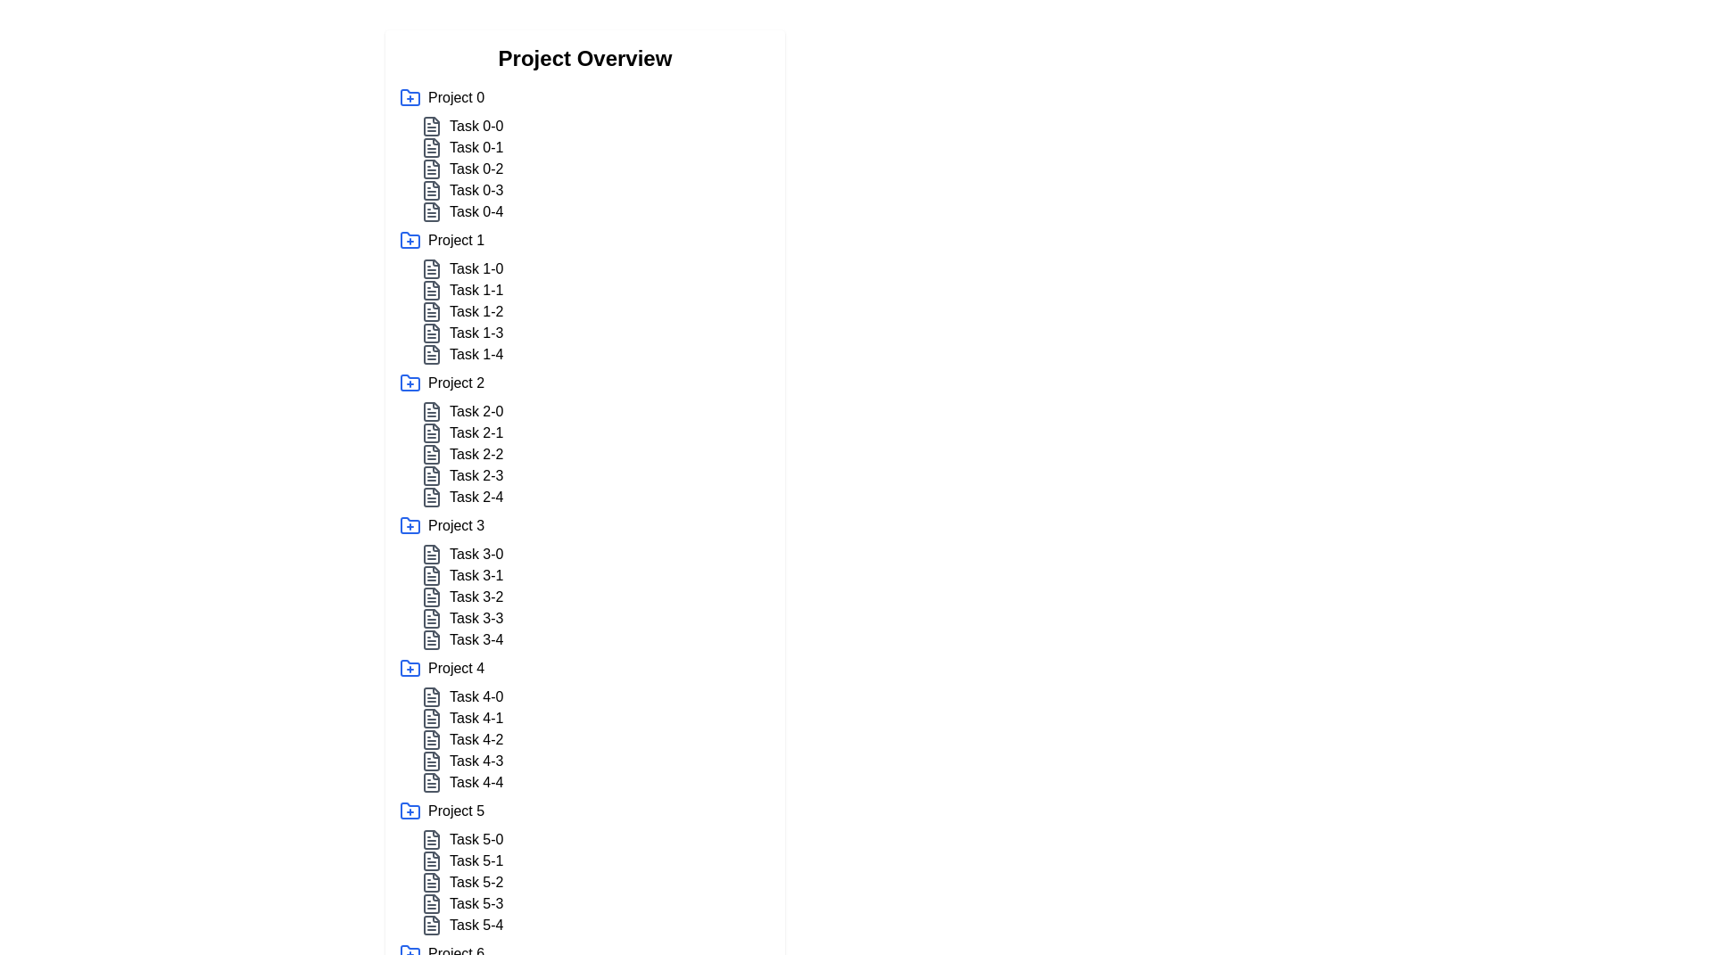 This screenshot has height=963, width=1713. I want to click on the document-like icon representing 'Task 4-1' in the 'Project 4' section, so click(432, 718).